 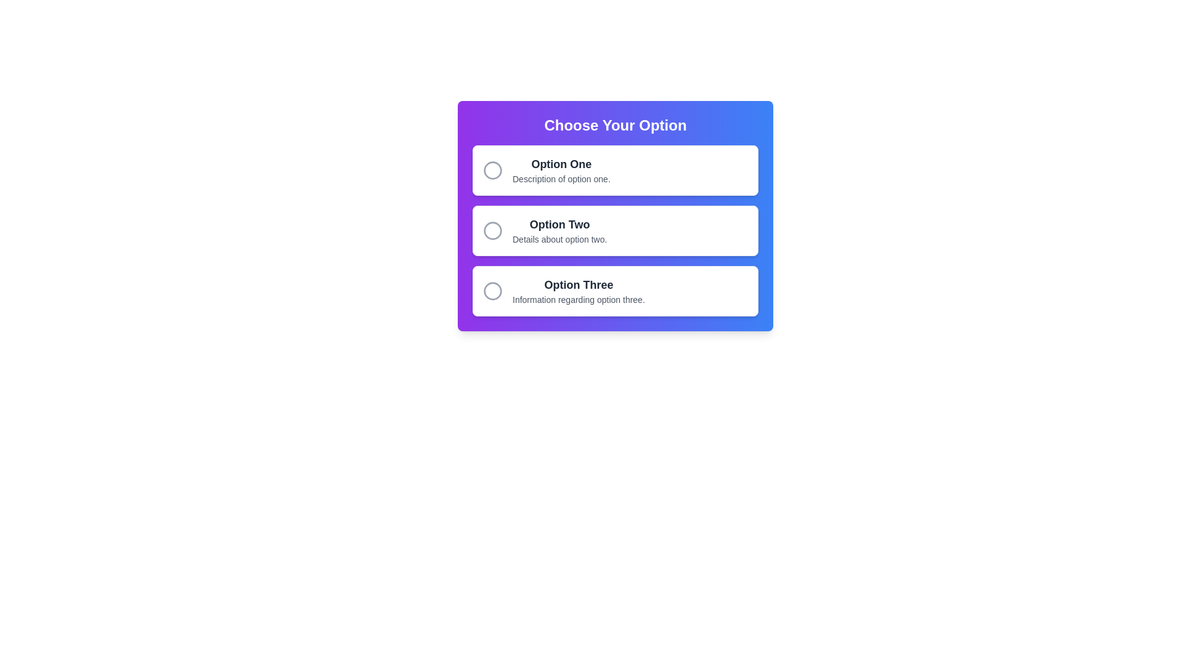 What do you see at coordinates (561, 171) in the screenshot?
I see `descriptive text beneath the bold heading 'Option One' within the first card of the vertically stacked group of cards under the header 'Choose Your Option.'` at bounding box center [561, 171].